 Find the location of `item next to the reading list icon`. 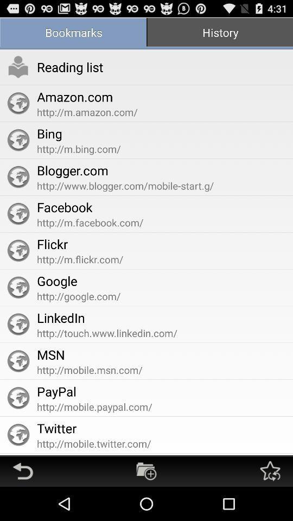

item next to the reading list icon is located at coordinates (18, 66).